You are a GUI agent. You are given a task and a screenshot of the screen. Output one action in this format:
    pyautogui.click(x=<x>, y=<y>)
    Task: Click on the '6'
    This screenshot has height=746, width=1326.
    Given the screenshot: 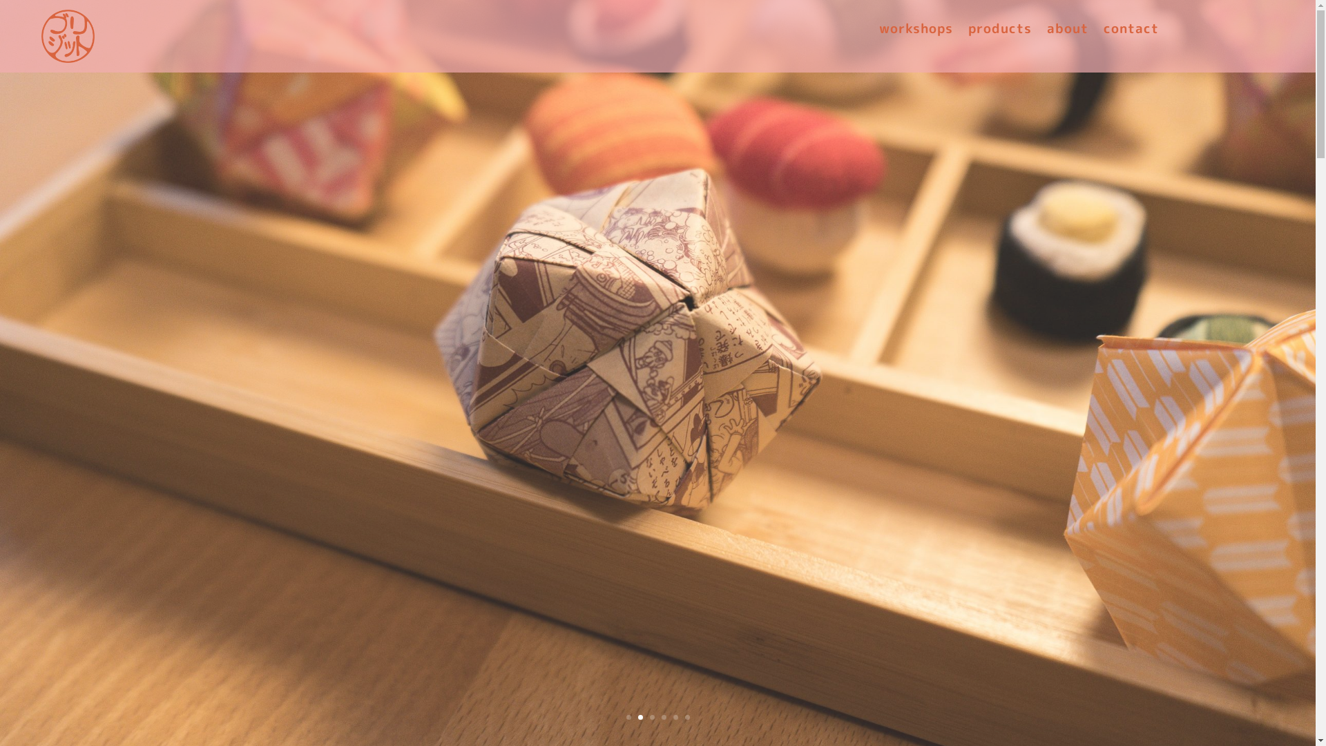 What is the action you would take?
    pyautogui.click(x=687, y=716)
    